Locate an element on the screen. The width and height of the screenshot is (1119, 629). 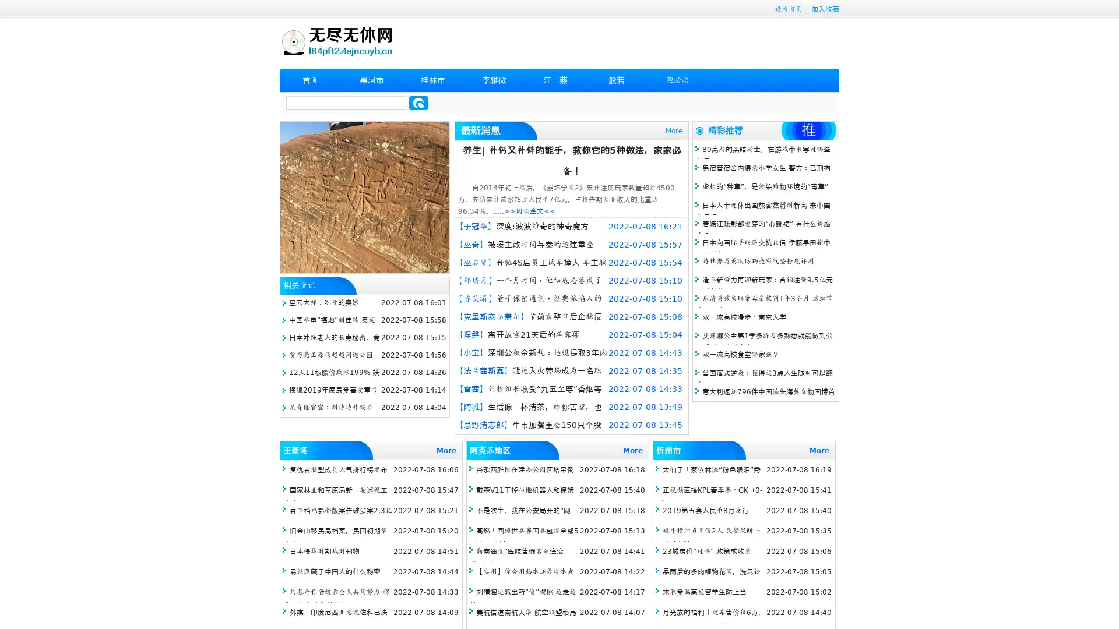
Search is located at coordinates (418, 103).